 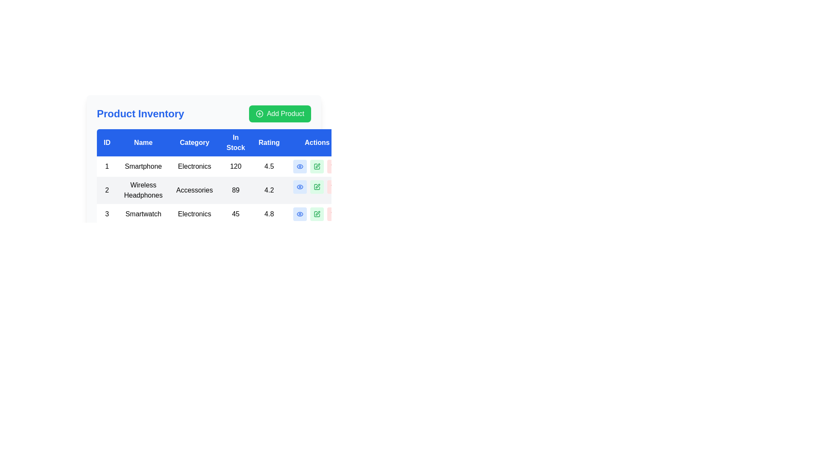 What do you see at coordinates (194, 142) in the screenshot?
I see `text content of the 'Category' column header in the table, which is the third column header located at the center of the header row` at bounding box center [194, 142].